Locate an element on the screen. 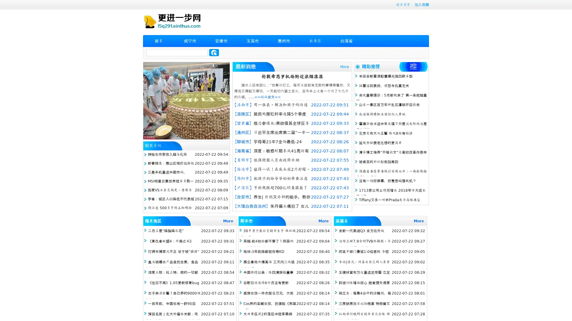  Search is located at coordinates (214, 52).